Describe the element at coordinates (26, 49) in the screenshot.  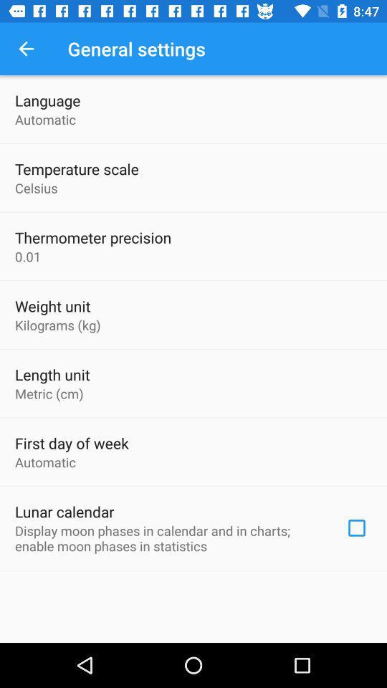
I see `the icon to the left of general settings item` at that location.